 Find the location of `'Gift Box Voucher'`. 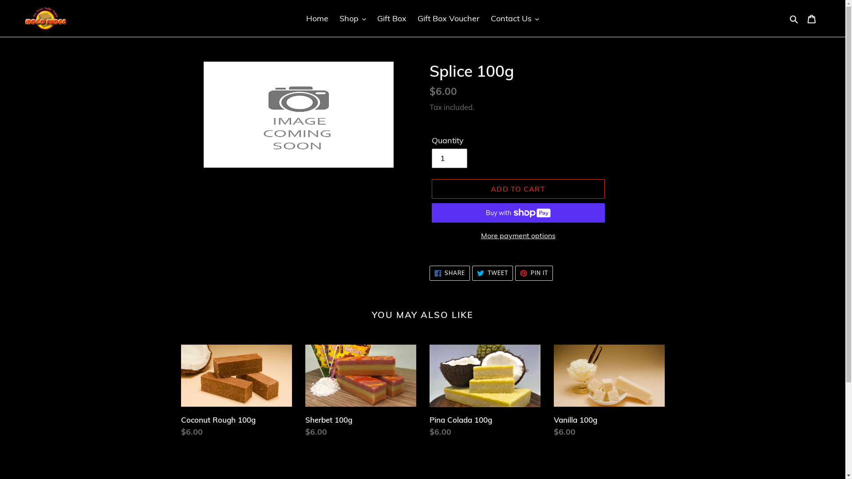

'Gift Box Voucher' is located at coordinates (449, 18).